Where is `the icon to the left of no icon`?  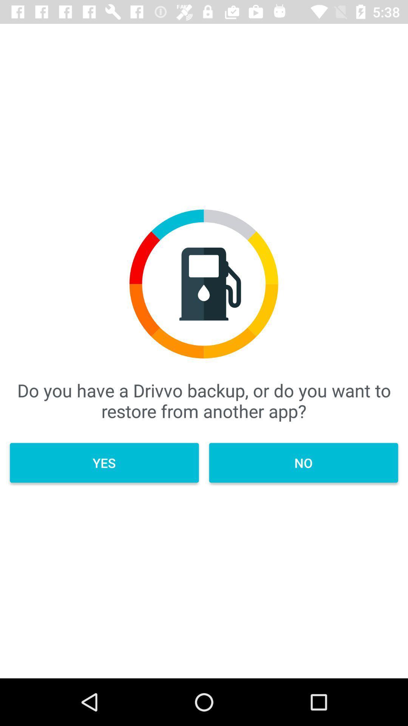
the icon to the left of no icon is located at coordinates (104, 462).